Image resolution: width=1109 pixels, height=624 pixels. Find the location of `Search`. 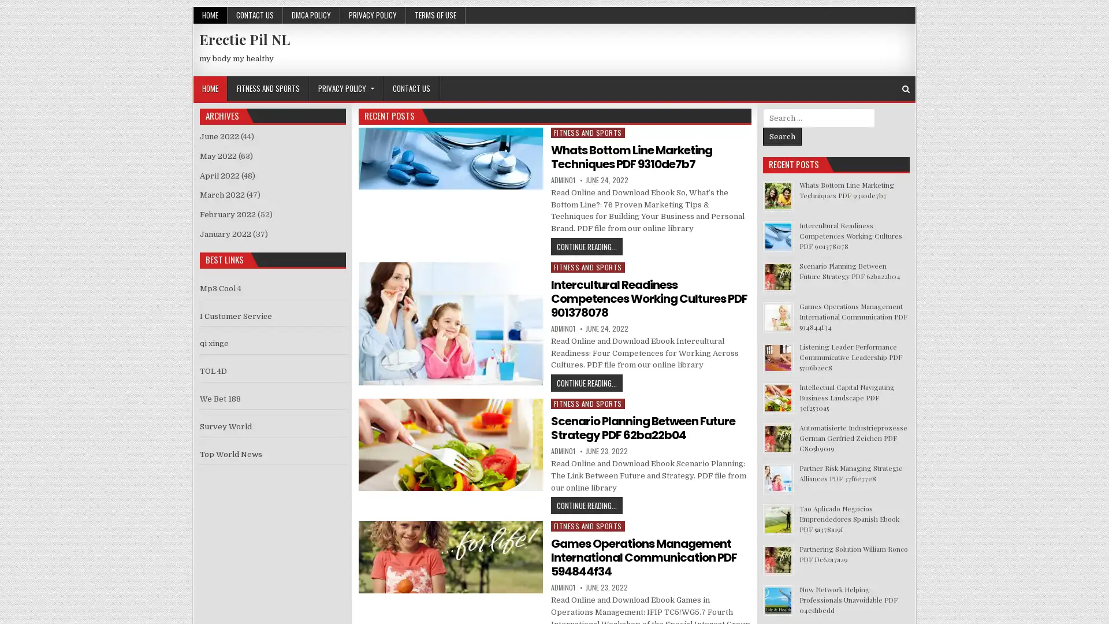

Search is located at coordinates (782, 136).